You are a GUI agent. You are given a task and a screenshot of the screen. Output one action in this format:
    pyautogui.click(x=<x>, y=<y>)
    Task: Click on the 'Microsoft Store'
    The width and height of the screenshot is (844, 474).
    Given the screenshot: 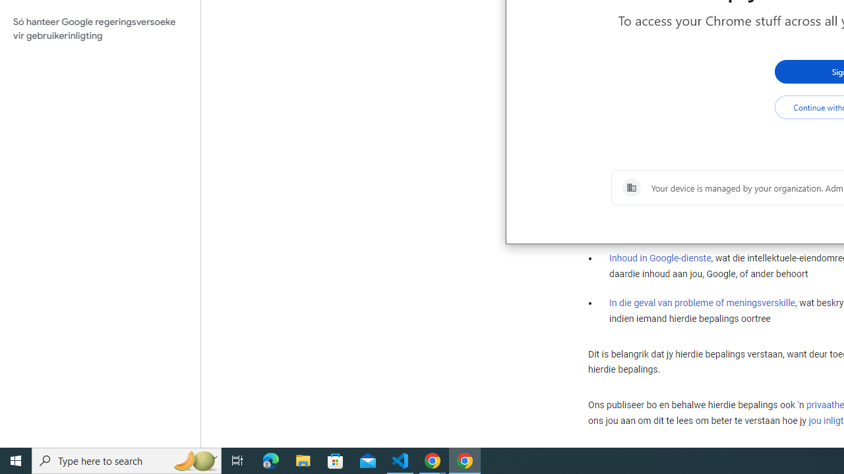 What is the action you would take?
    pyautogui.click(x=336, y=460)
    